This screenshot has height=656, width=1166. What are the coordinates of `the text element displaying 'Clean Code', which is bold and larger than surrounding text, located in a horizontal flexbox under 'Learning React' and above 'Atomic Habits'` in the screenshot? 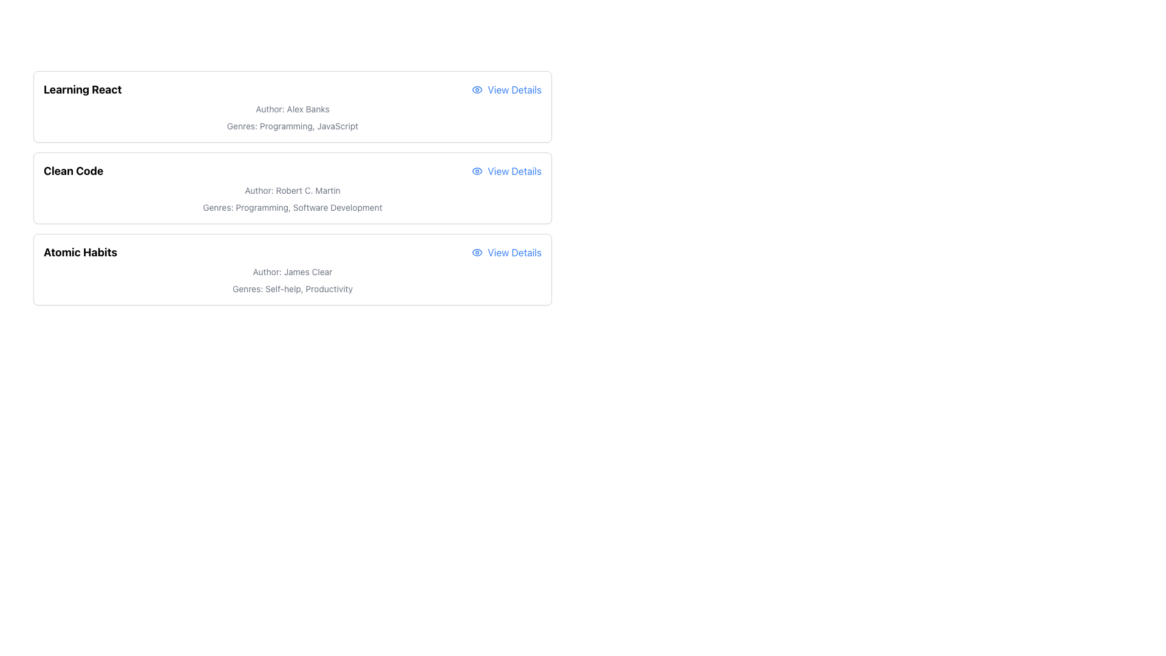 It's located at (73, 171).